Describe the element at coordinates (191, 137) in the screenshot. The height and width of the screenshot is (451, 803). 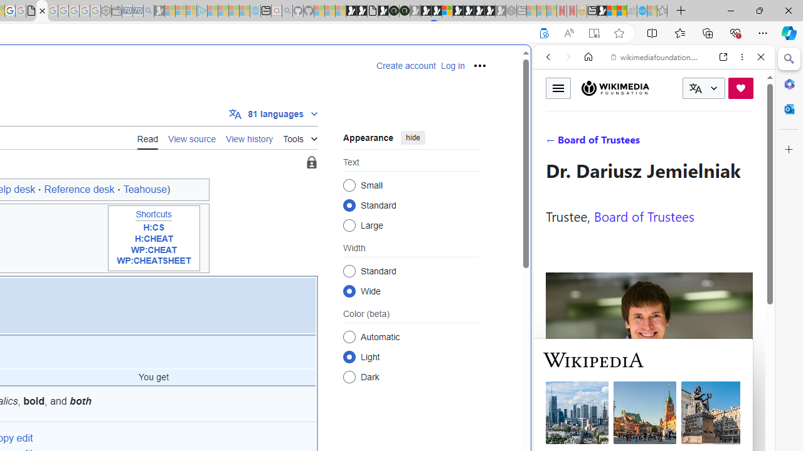
I see `'View source'` at that location.